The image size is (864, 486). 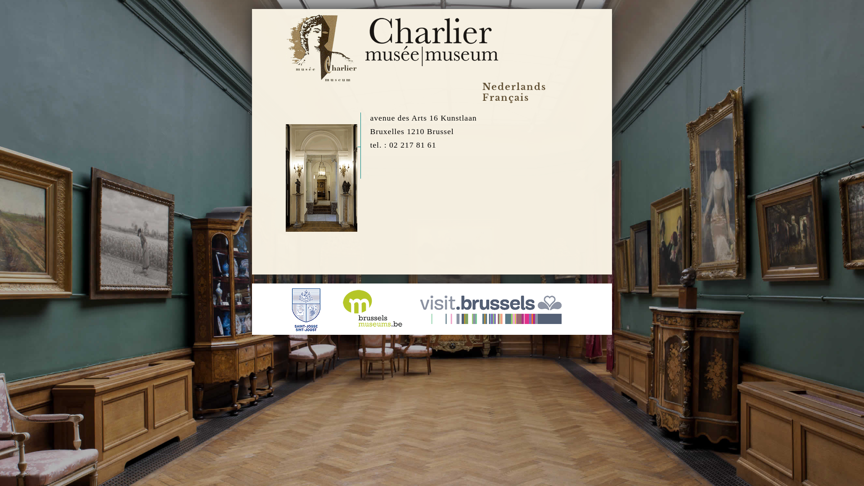 What do you see at coordinates (481, 86) in the screenshot?
I see `'Nederlands'` at bounding box center [481, 86].